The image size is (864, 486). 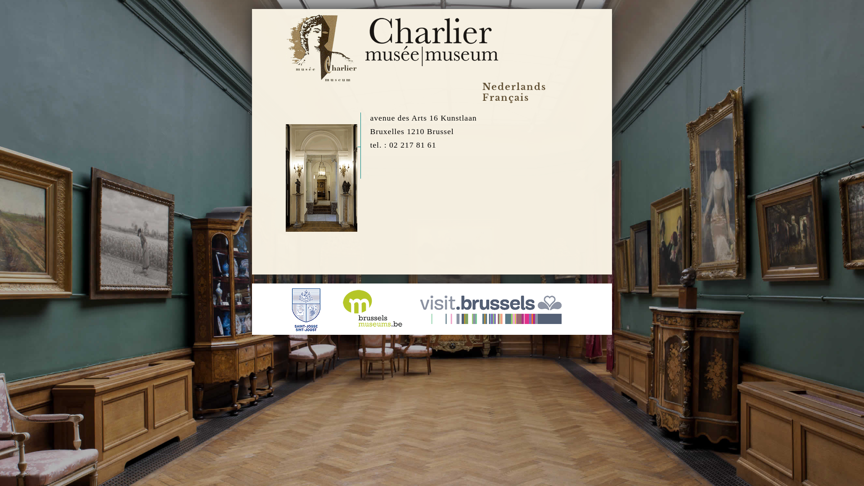 What do you see at coordinates (481, 86) in the screenshot?
I see `'Nederlands'` at bounding box center [481, 86].